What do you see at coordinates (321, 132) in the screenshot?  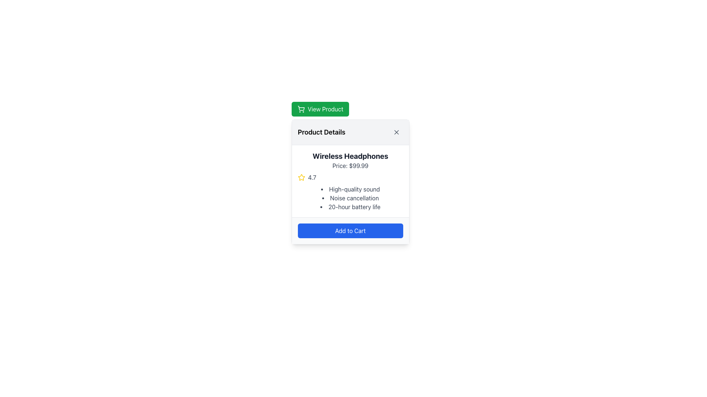 I see `the title text label in the modal window that provides context about the product details` at bounding box center [321, 132].